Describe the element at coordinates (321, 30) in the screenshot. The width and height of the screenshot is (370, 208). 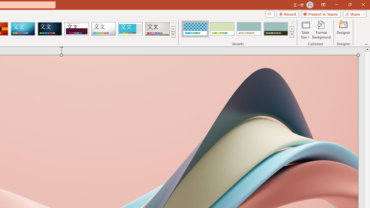
I see `'Format Background'` at that location.